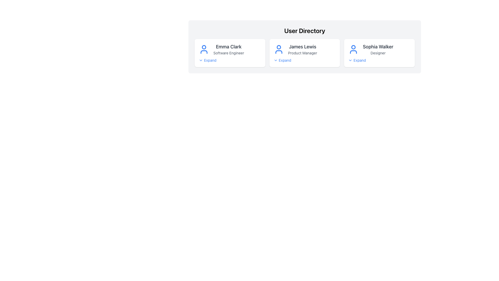 The width and height of the screenshot is (499, 281). What do you see at coordinates (229, 49) in the screenshot?
I see `formatted name and job title text element located on the left side of the 'User Directory' interface, positioned below the blue user icon and above the 'Expand' link` at bounding box center [229, 49].